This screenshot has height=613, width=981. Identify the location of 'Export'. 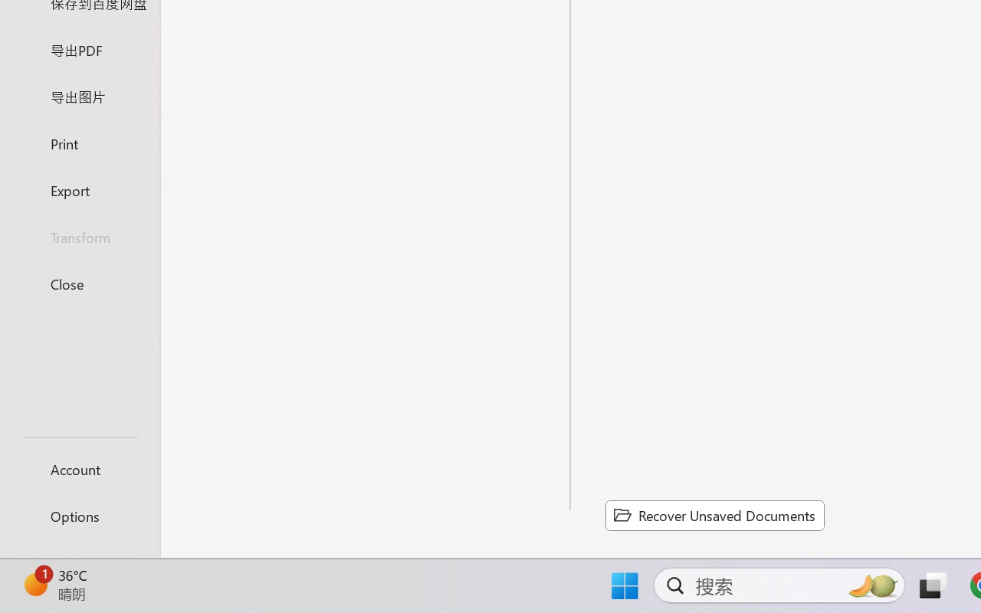
(79, 189).